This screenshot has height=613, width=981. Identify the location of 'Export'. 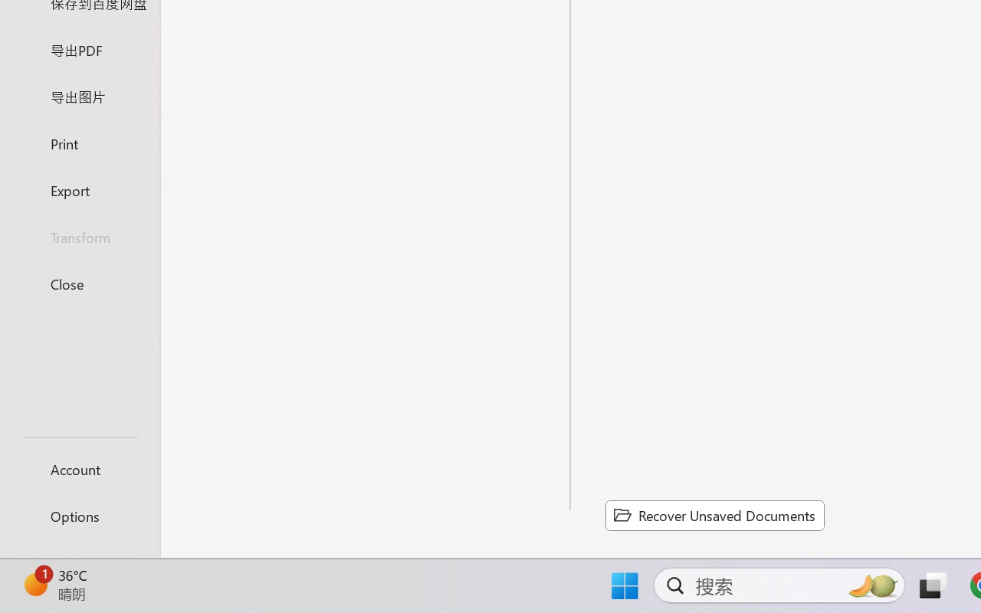
(79, 189).